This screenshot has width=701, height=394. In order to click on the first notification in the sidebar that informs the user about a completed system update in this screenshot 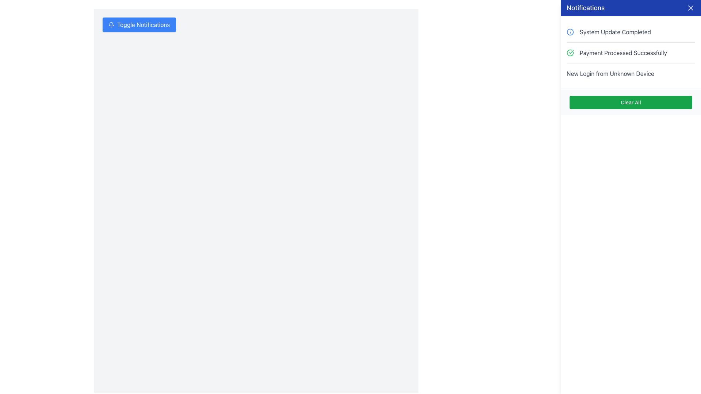, I will do `click(631, 32)`.